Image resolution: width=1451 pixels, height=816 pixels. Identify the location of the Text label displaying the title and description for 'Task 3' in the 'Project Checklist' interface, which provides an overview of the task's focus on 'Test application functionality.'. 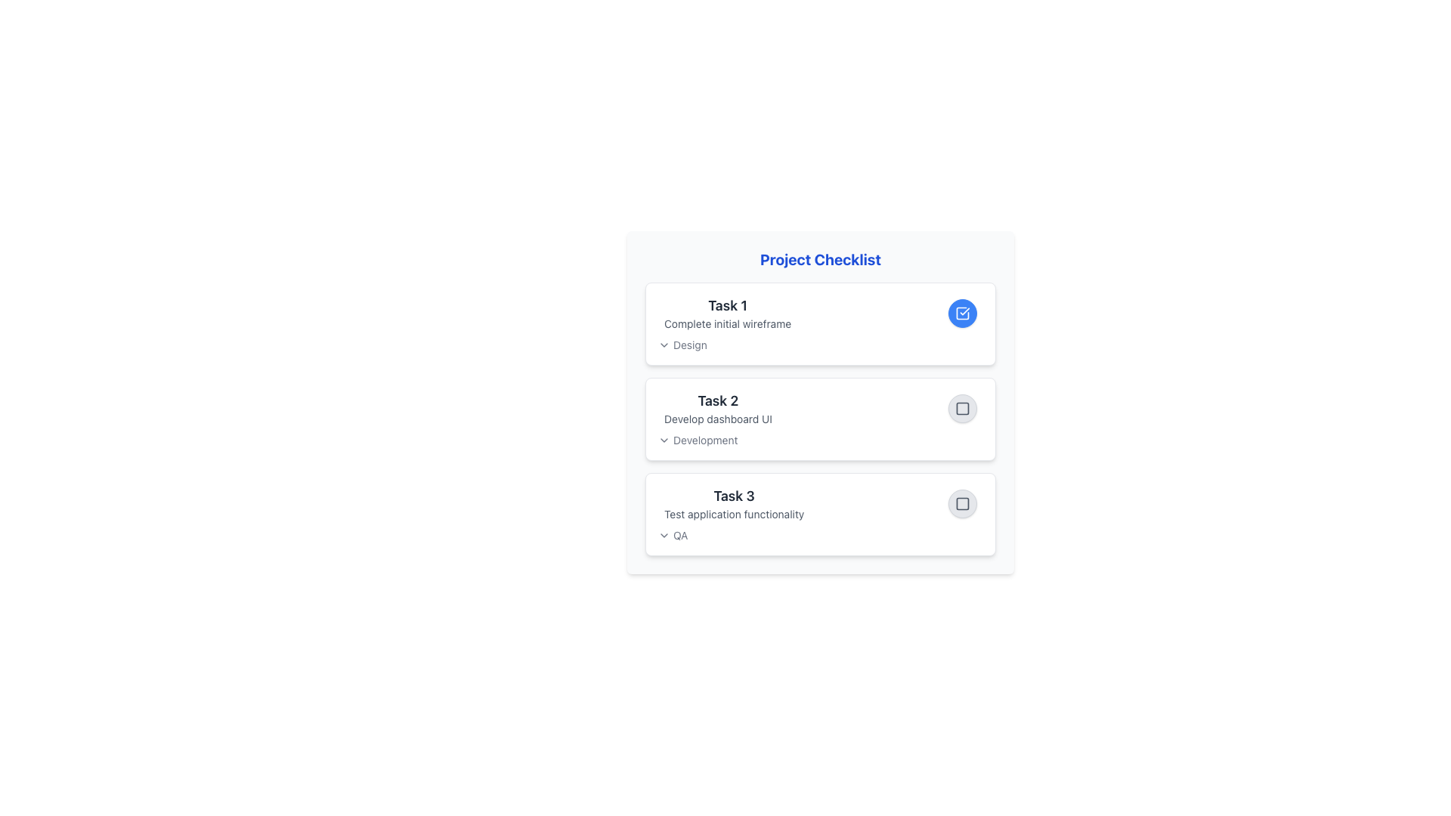
(734, 504).